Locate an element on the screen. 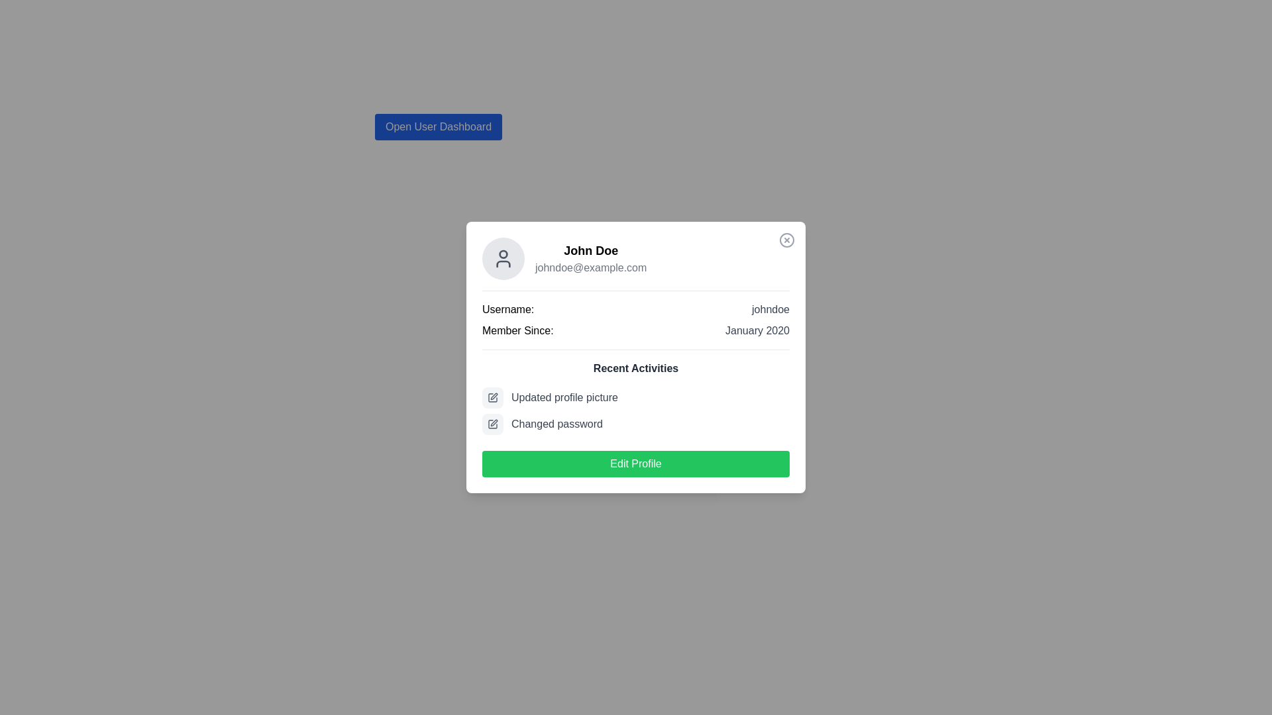 Image resolution: width=1272 pixels, height=715 pixels. the pen icon within the 'Recent Activities' card is located at coordinates (492, 424).